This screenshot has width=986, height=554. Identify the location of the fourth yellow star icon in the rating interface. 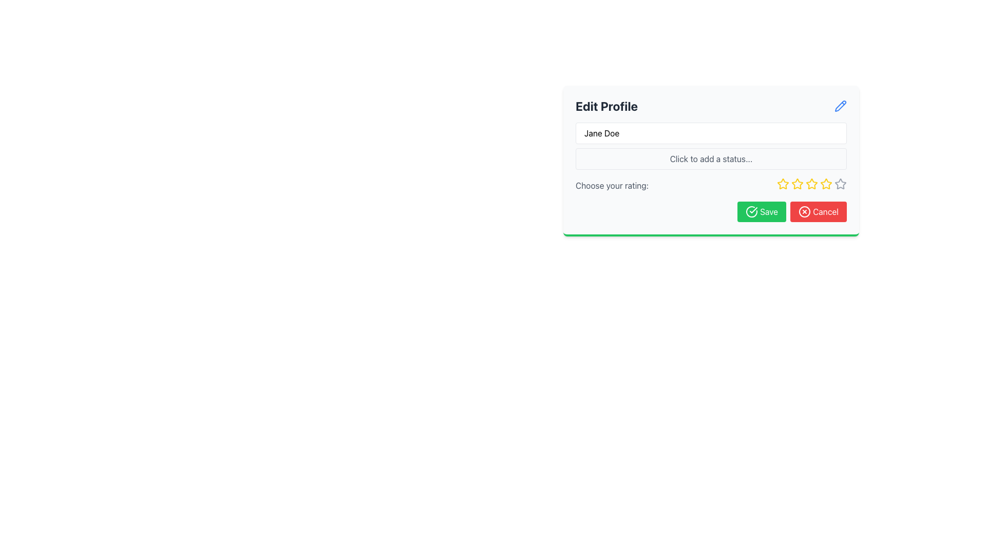
(811, 183).